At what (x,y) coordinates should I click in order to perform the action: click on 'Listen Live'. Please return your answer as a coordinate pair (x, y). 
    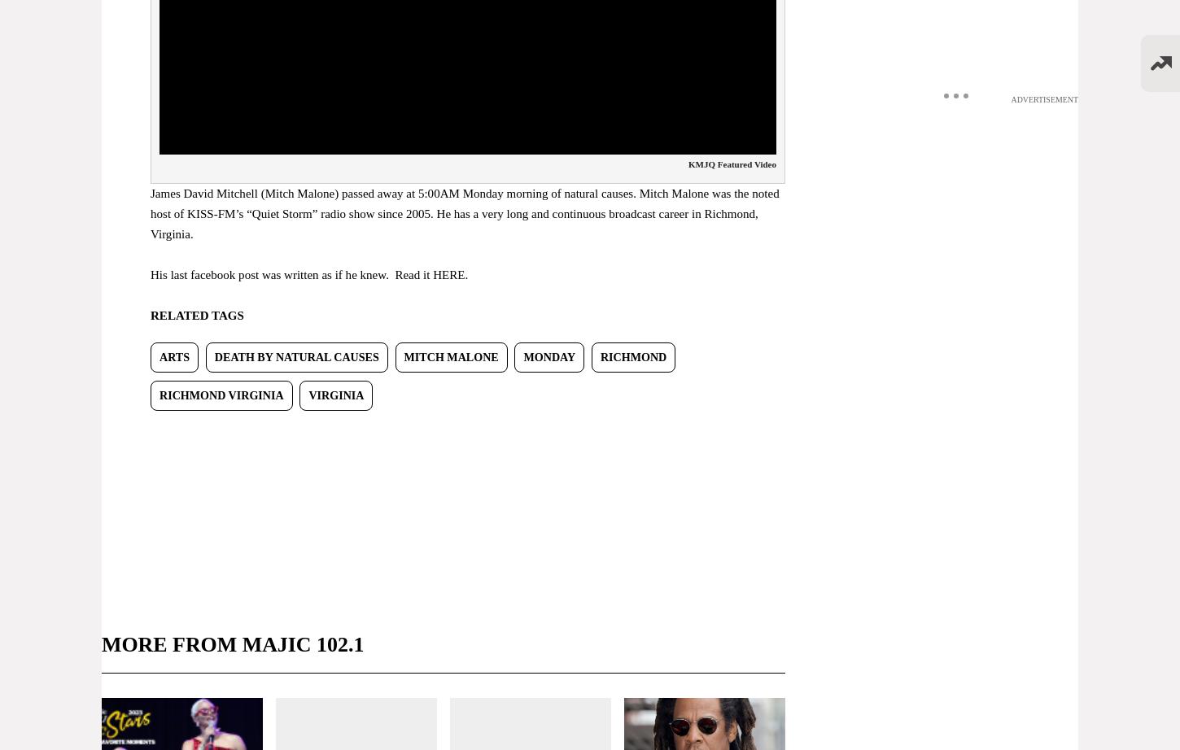
    Looking at the image, I should click on (1159, 114).